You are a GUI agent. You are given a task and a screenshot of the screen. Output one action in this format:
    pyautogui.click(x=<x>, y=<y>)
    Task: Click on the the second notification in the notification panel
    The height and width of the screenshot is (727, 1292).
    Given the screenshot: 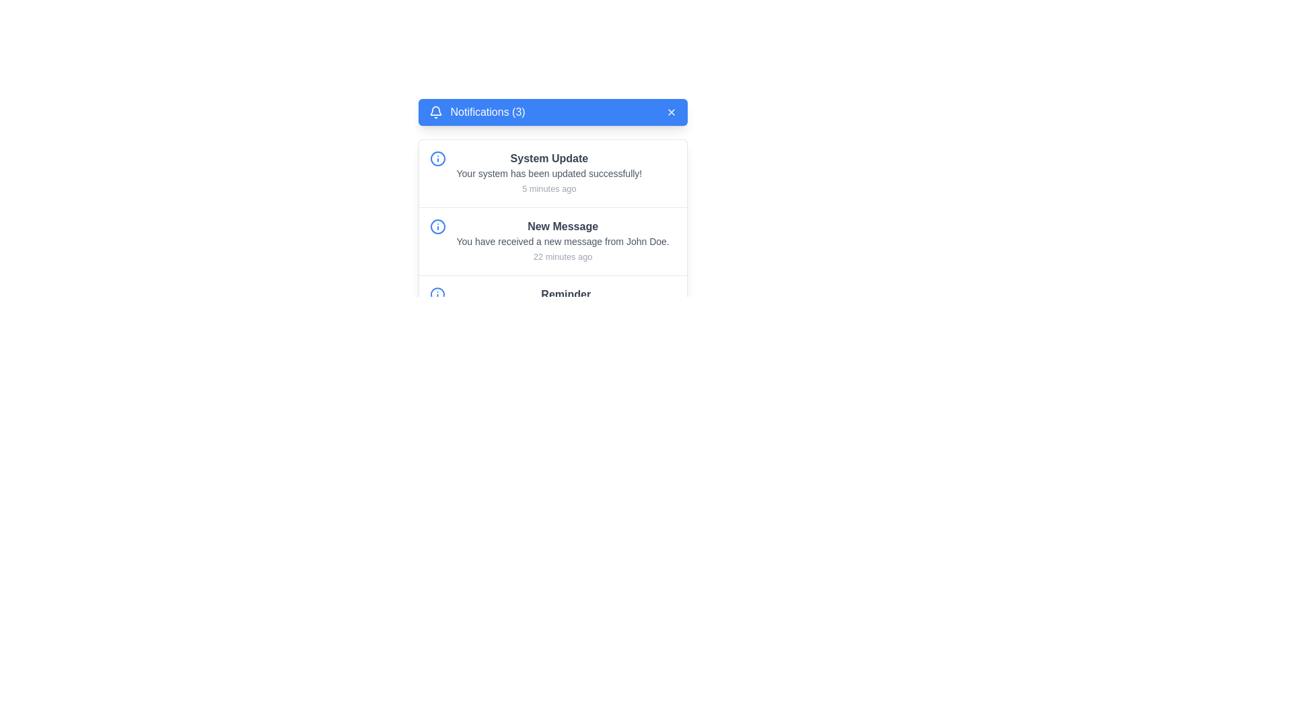 What is the action you would take?
    pyautogui.click(x=552, y=241)
    